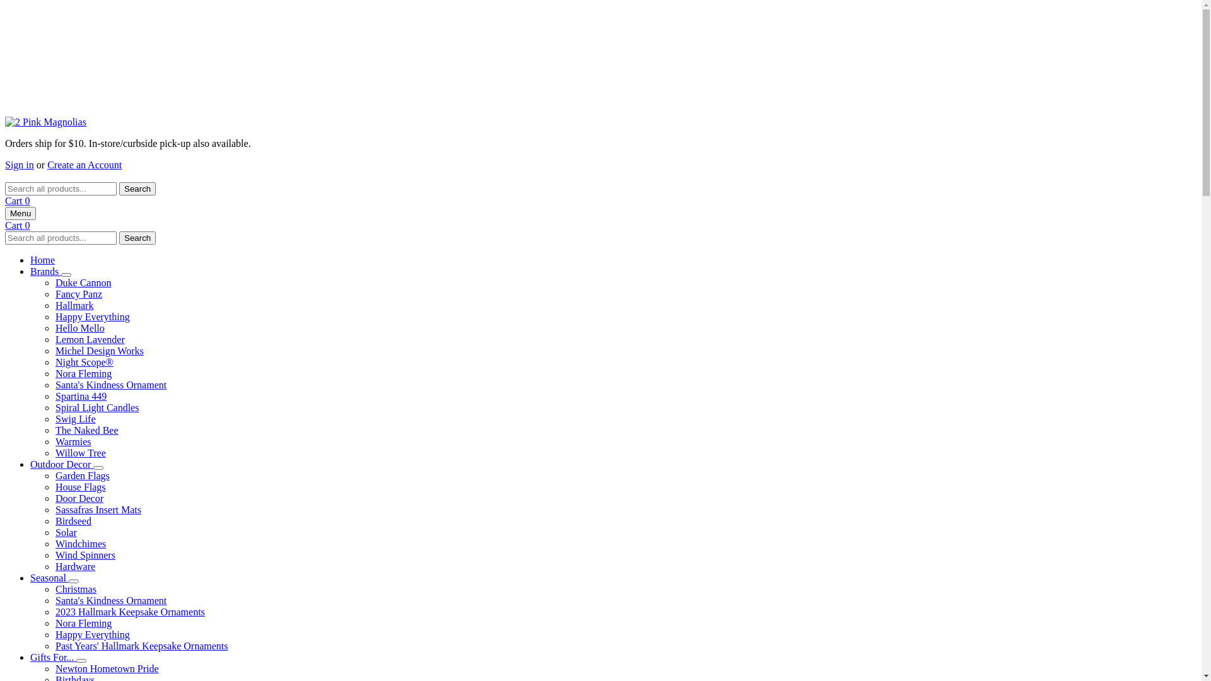  What do you see at coordinates (73, 521) in the screenshot?
I see `'Birdseed'` at bounding box center [73, 521].